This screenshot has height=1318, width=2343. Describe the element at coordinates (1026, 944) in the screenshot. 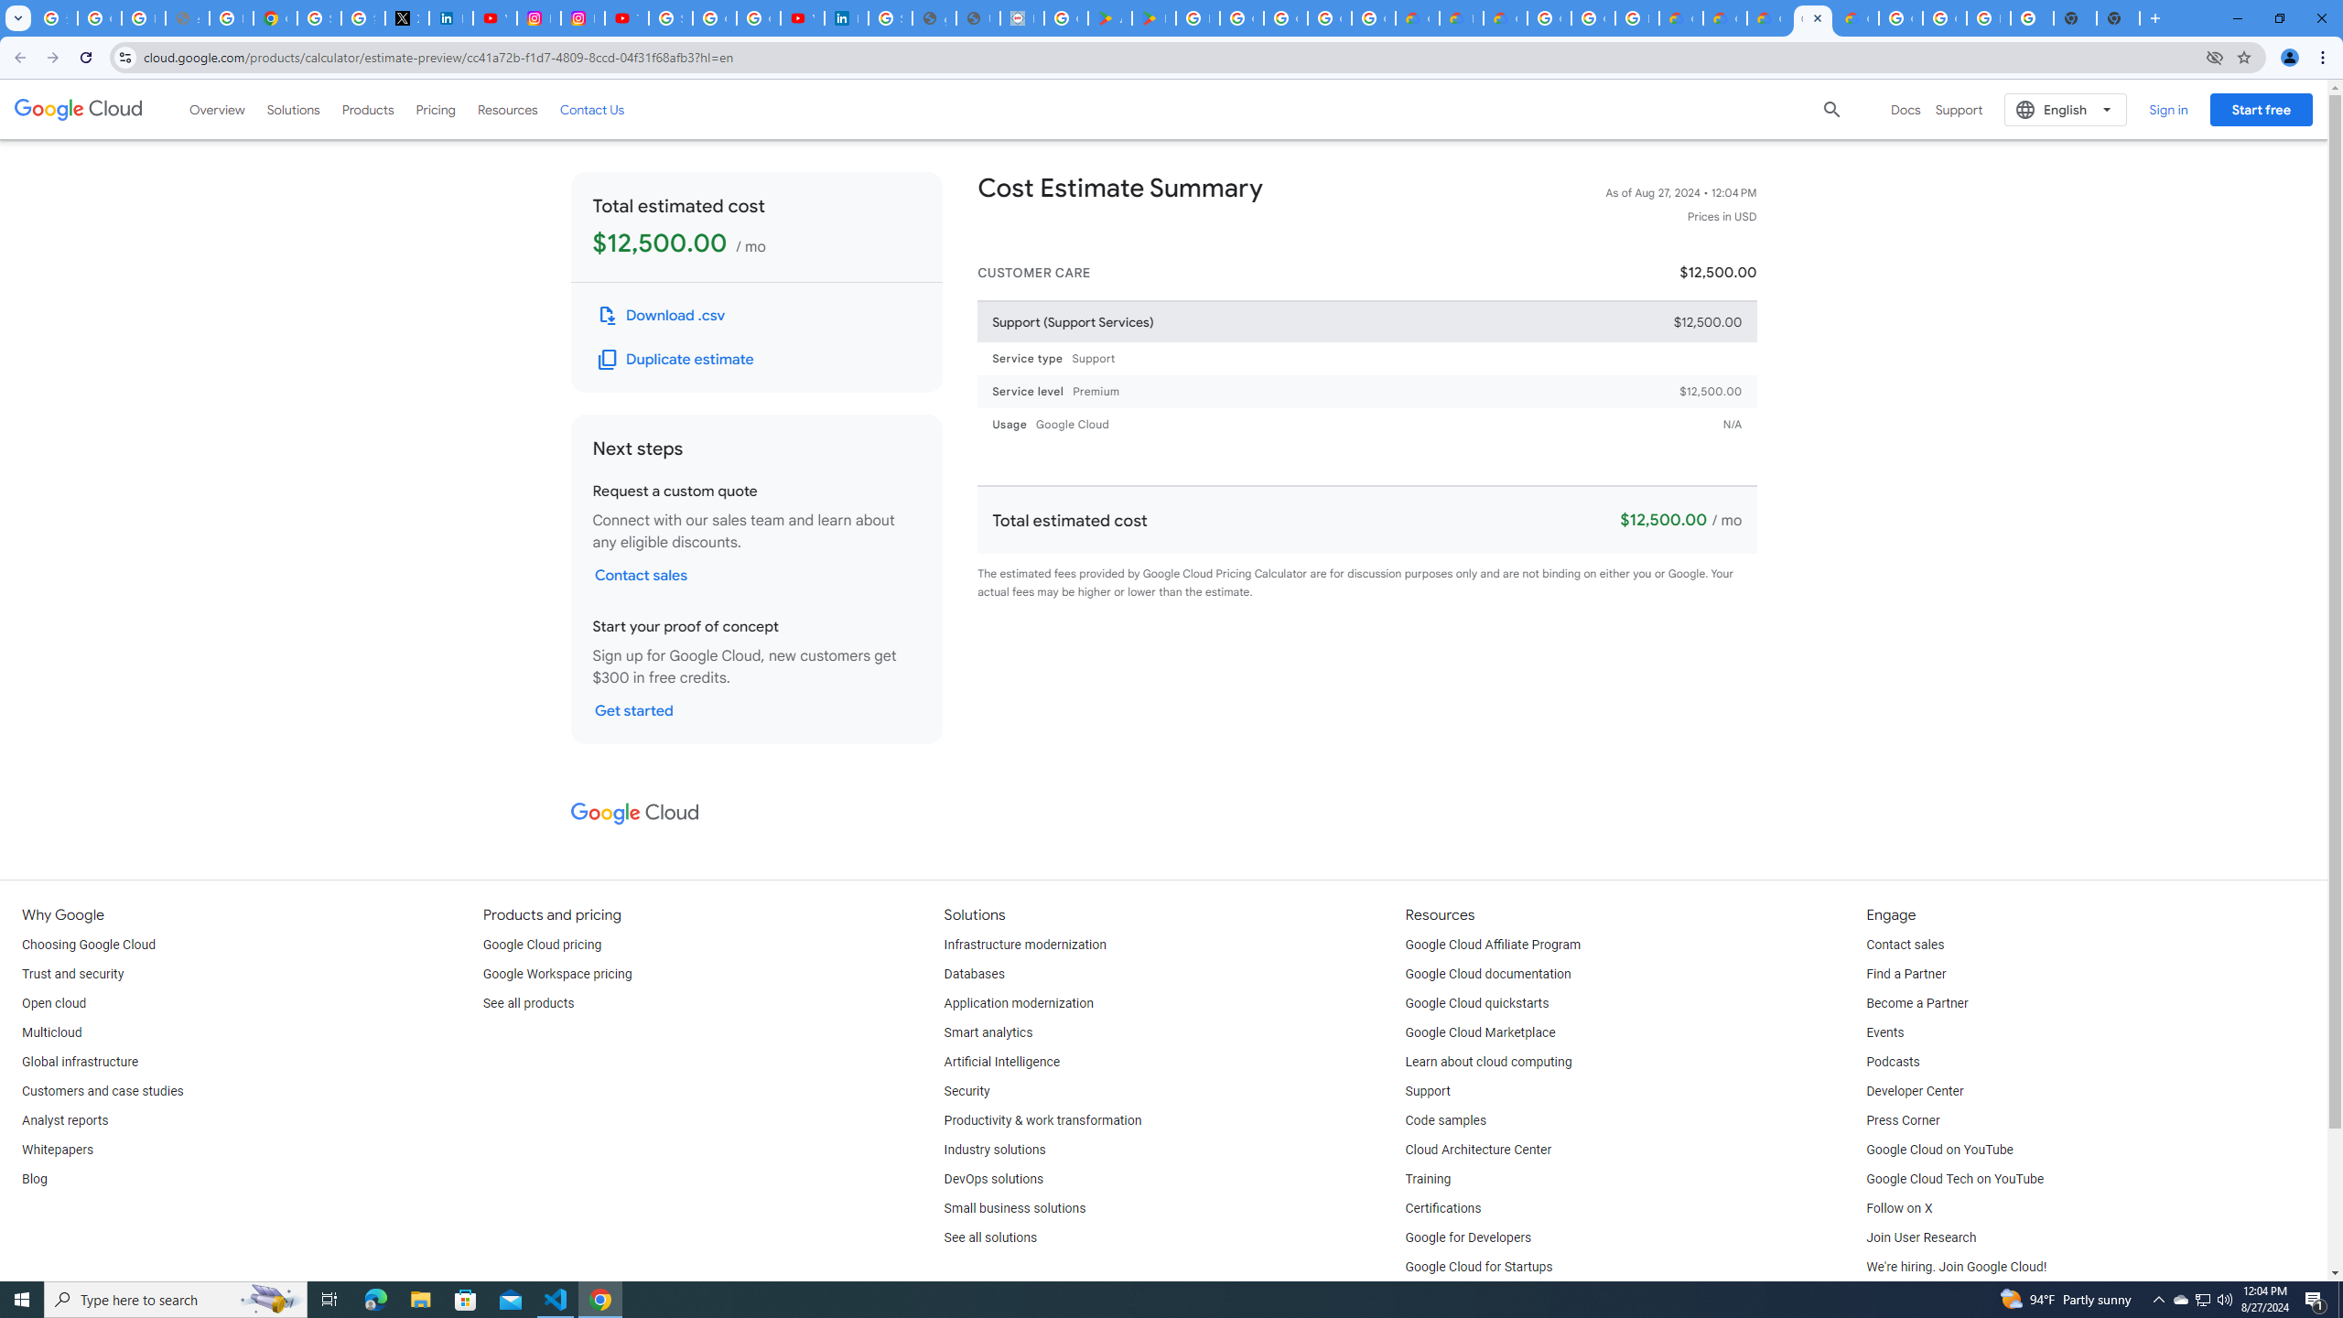

I see `'Infrastructure modernization'` at that location.